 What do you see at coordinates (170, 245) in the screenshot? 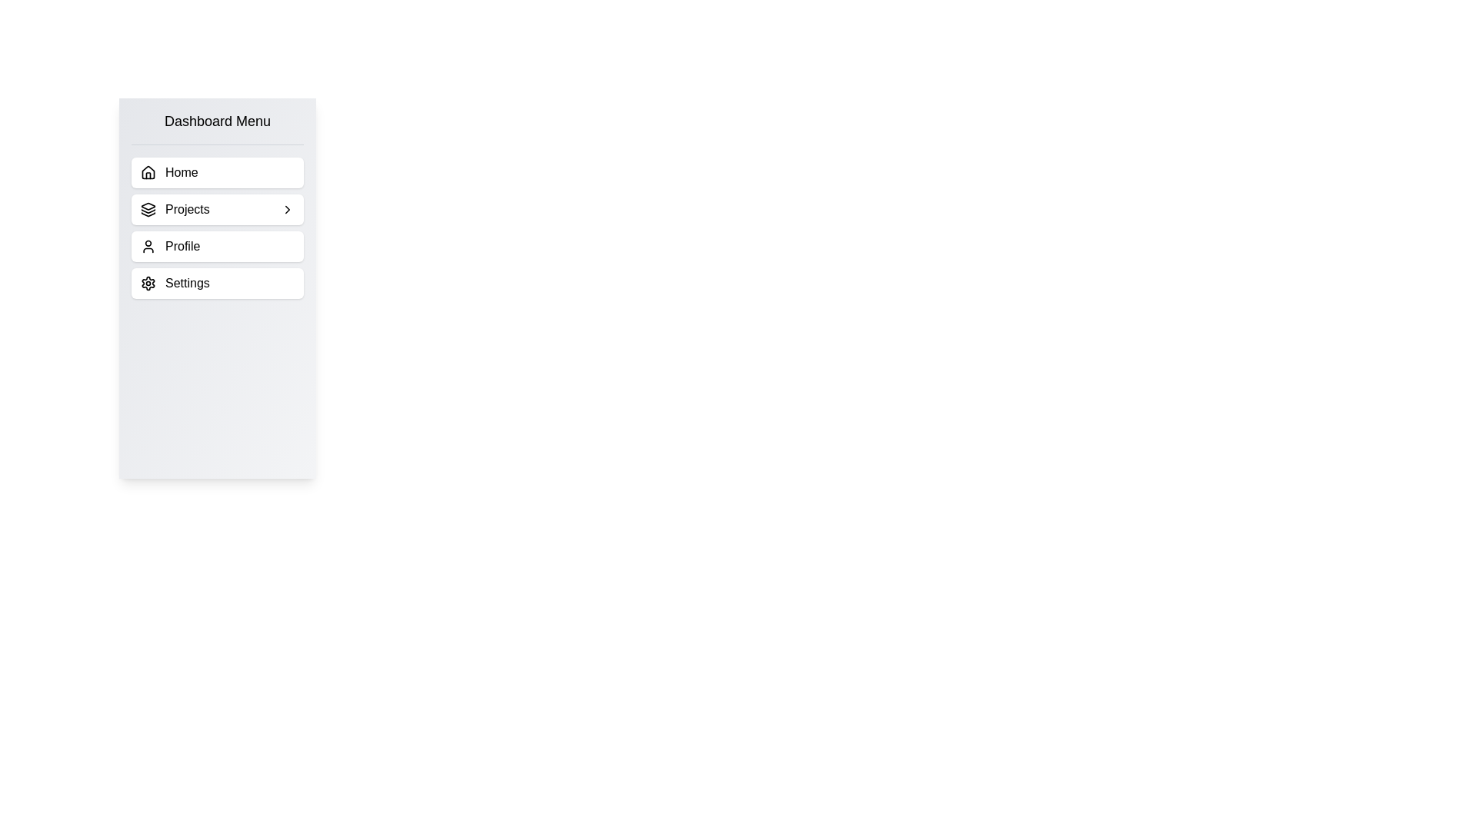
I see `the 'Profile' navigation menu item, which displays the text 'Profile' next to a user icon` at bounding box center [170, 245].